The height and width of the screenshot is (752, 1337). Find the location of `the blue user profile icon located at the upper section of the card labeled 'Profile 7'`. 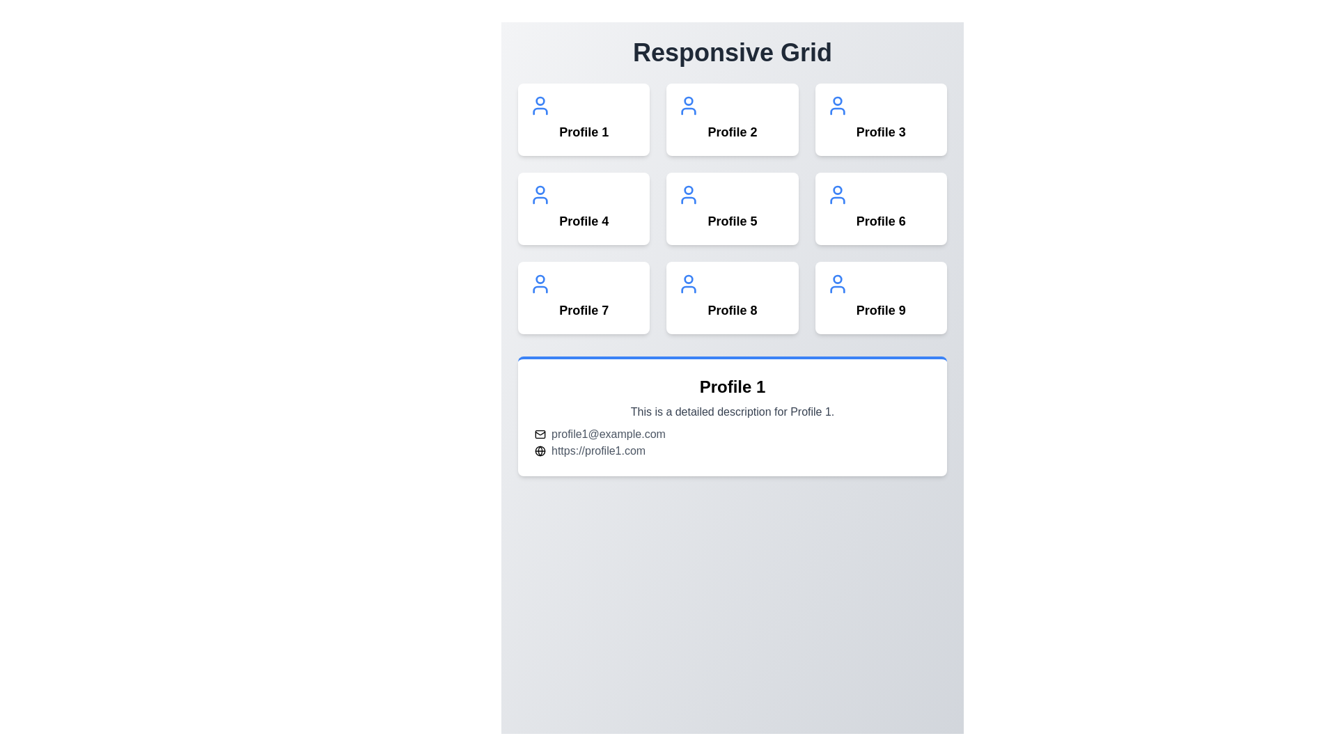

the blue user profile icon located at the upper section of the card labeled 'Profile 7' is located at coordinates (540, 283).